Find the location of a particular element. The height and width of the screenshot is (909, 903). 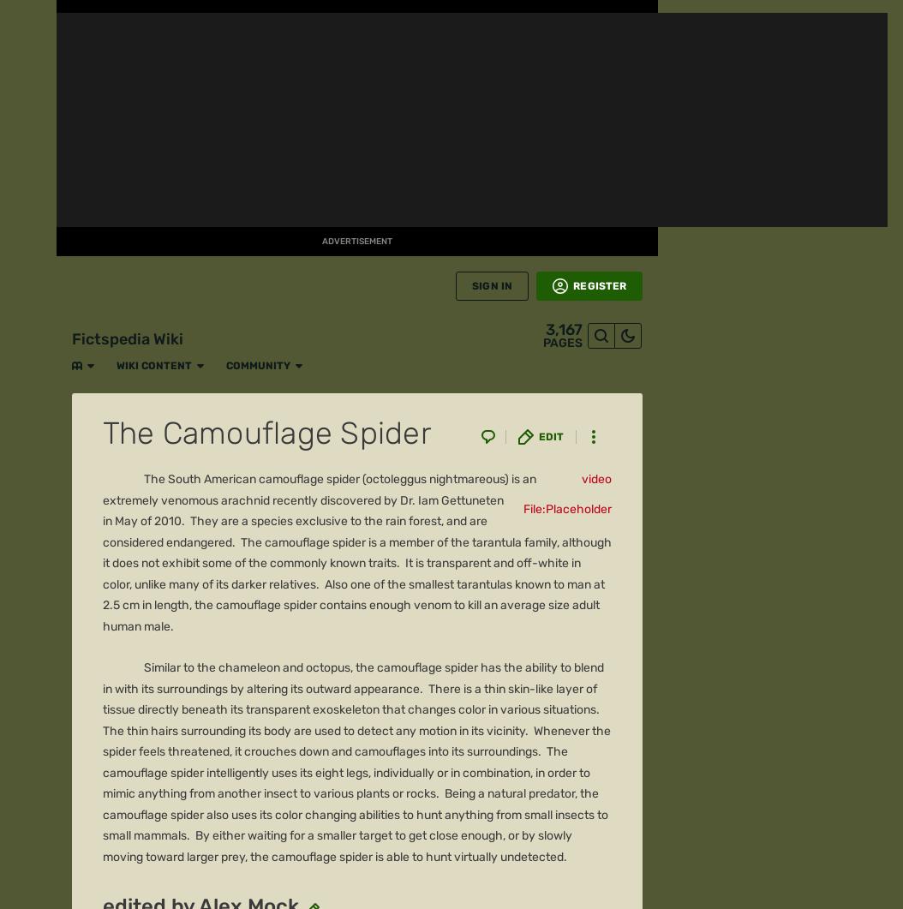

'3' is located at coordinates (129, 261).